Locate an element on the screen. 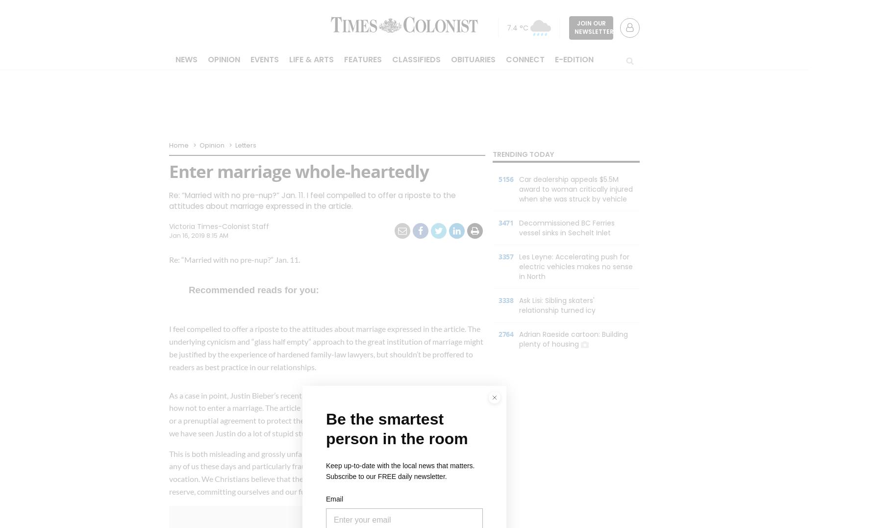 The height and width of the screenshot is (528, 875). '3357' is located at coordinates (506, 256).